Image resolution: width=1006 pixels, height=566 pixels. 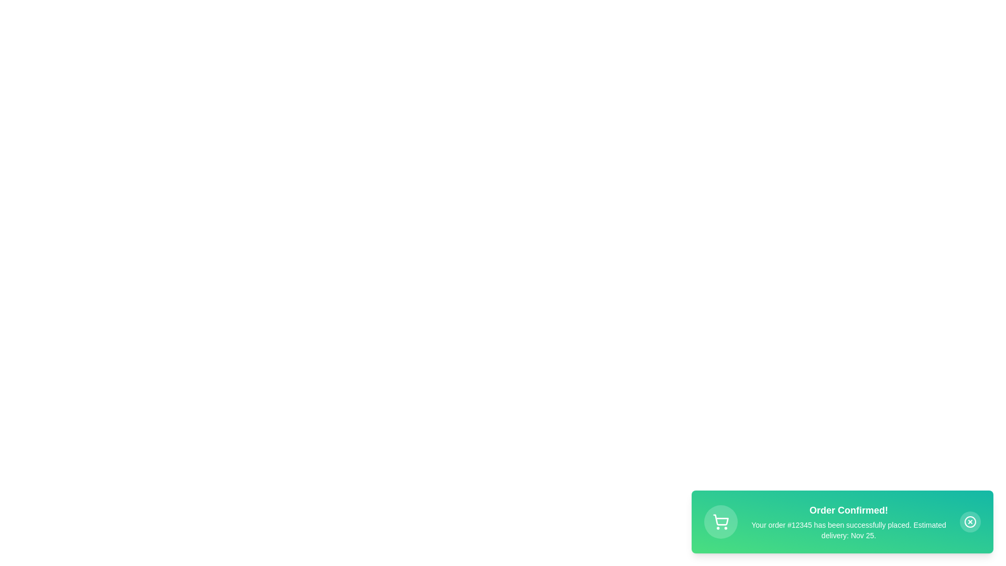 What do you see at coordinates (849, 530) in the screenshot?
I see `the order confirmation label located in the green notification card at the bottom-right corner of the interface, directly below the 'Order Confirmed!' heading` at bounding box center [849, 530].